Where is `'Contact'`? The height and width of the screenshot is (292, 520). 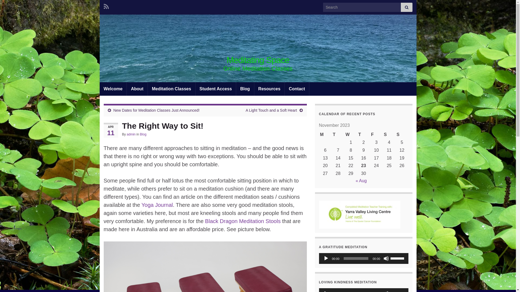
'Contact' is located at coordinates (296, 88).